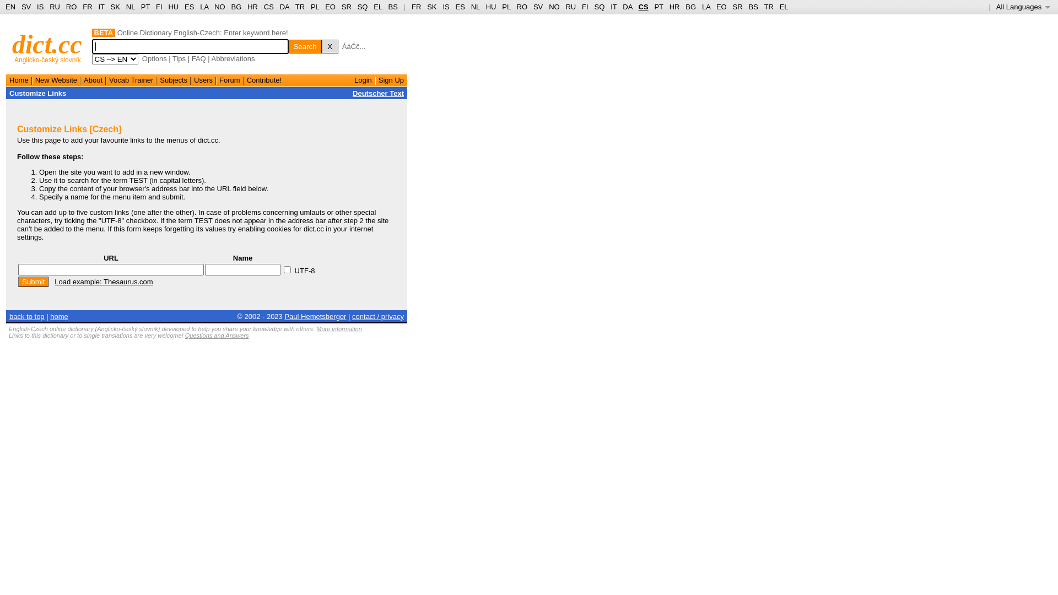 The width and height of the screenshot is (1058, 595). I want to click on 'CS', so click(643, 7).